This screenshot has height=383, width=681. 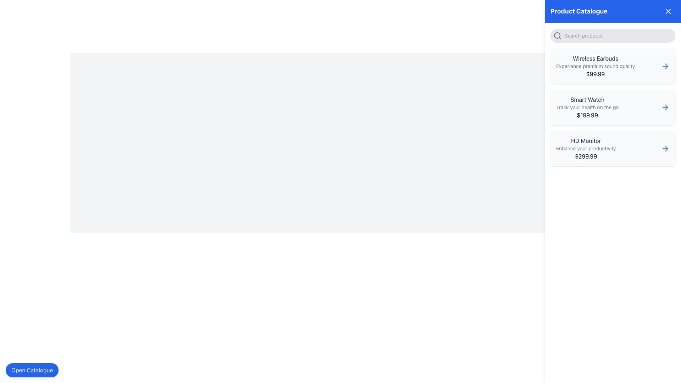 I want to click on the Close Button icon, which is a minimalist 'X' graphic located in the top-right corner of the blue header bar labeled 'Product Catalogue', so click(x=668, y=11).